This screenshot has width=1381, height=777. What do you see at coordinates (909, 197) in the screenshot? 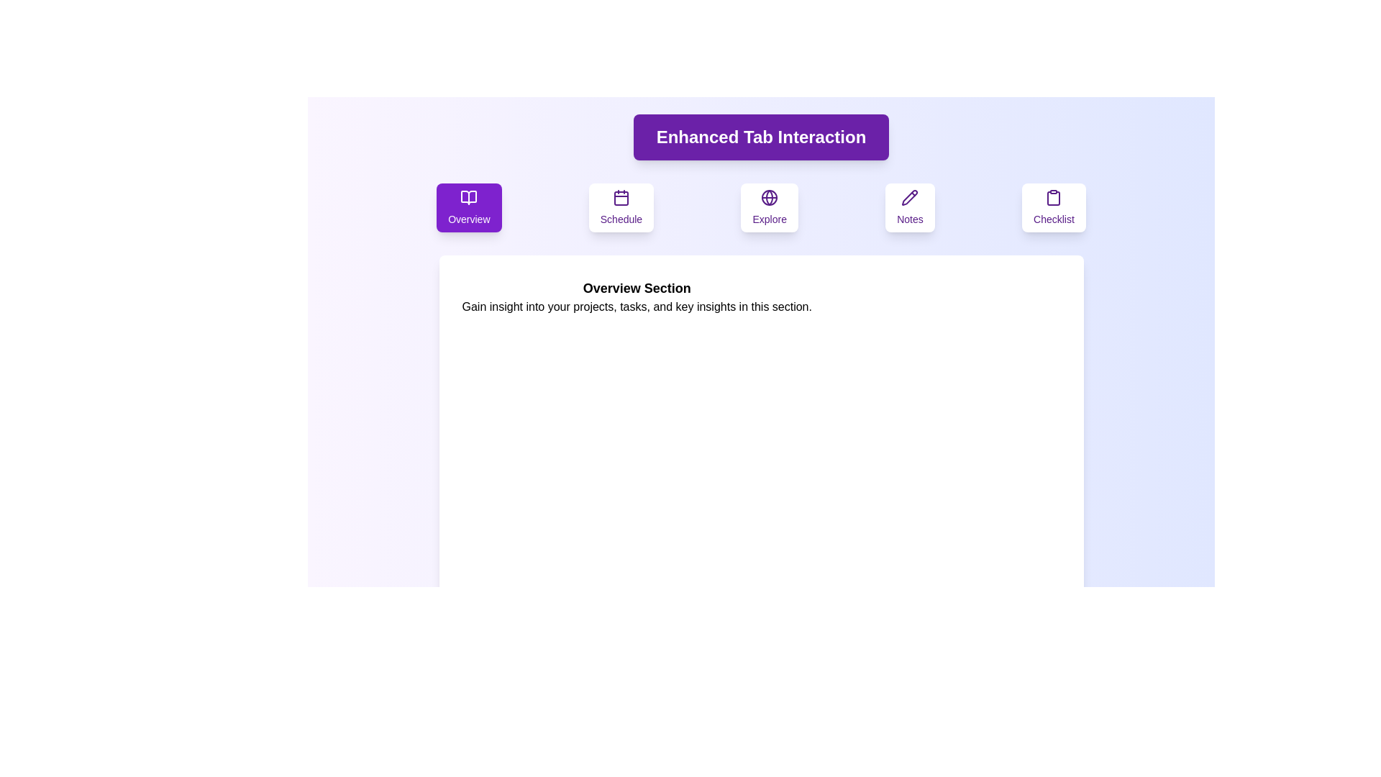
I see `the associated context for the editing functionality represented` at bounding box center [909, 197].